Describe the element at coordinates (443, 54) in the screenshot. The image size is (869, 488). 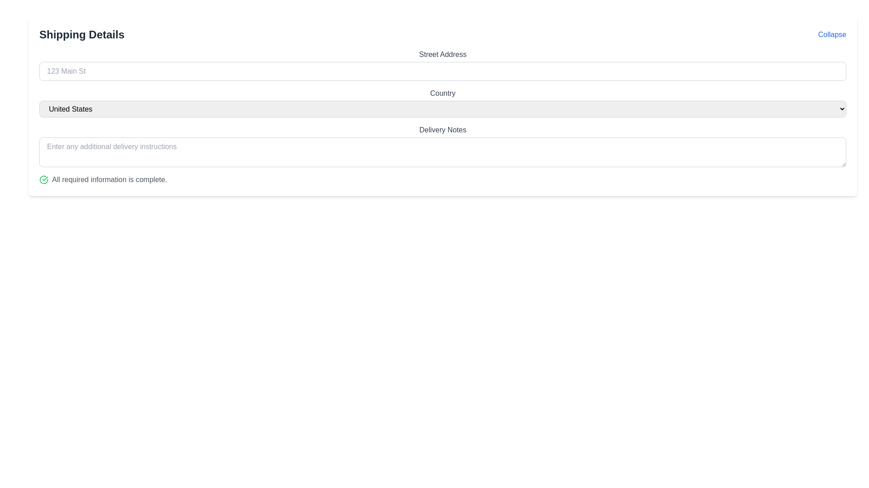
I see `the Text Label that provides context for the '123 Main St' input field, which is positioned above it in the form` at that location.